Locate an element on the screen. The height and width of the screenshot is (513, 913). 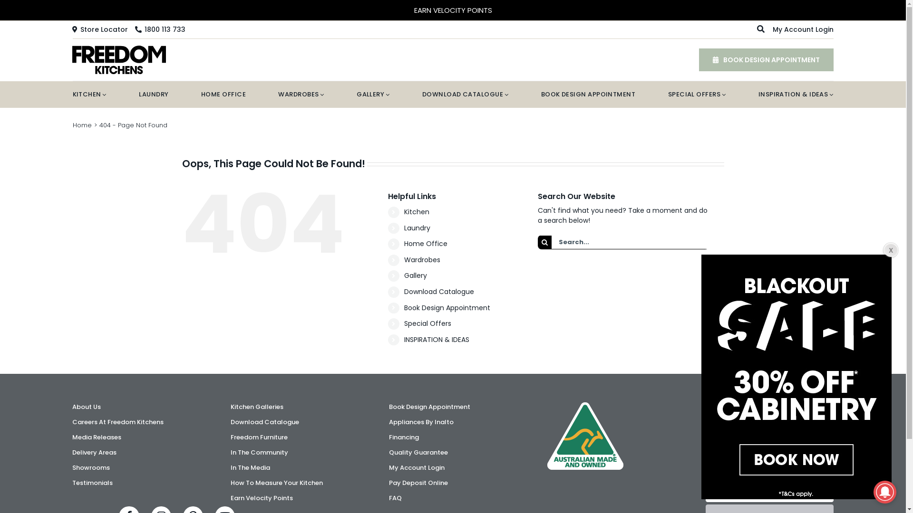
'Kitchen' is located at coordinates (417, 211).